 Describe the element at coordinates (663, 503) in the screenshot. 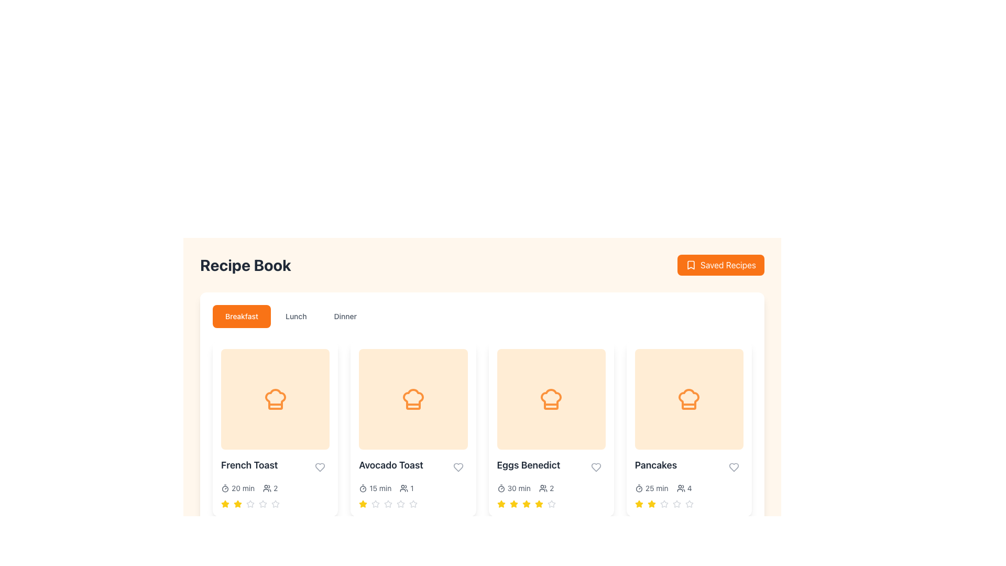

I see `the fourth star icon in the star rating system for the 'Pancakes' item card` at that location.